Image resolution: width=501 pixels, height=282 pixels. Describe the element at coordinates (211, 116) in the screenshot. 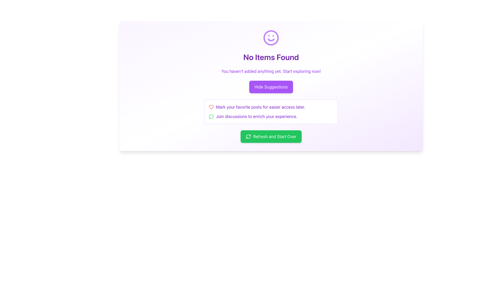

I see `the icon located to the left of the text 'Join discussions to enrich your experience.' in the highlighted section near the bottom-center of the interface` at that location.